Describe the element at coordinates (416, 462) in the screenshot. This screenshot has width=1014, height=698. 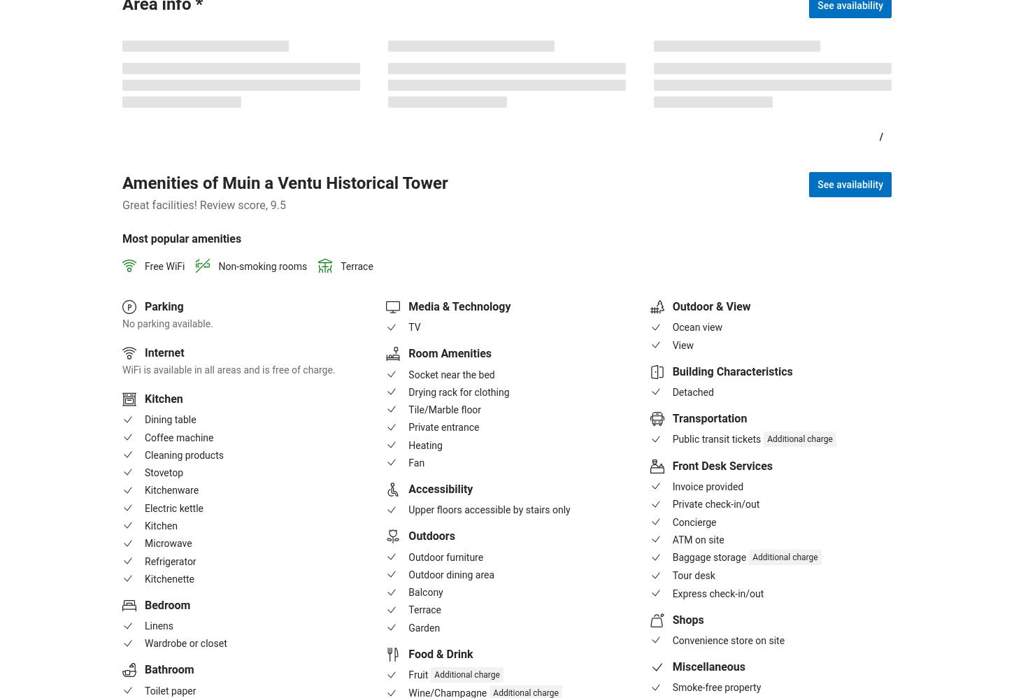
I see `'Fan'` at that location.